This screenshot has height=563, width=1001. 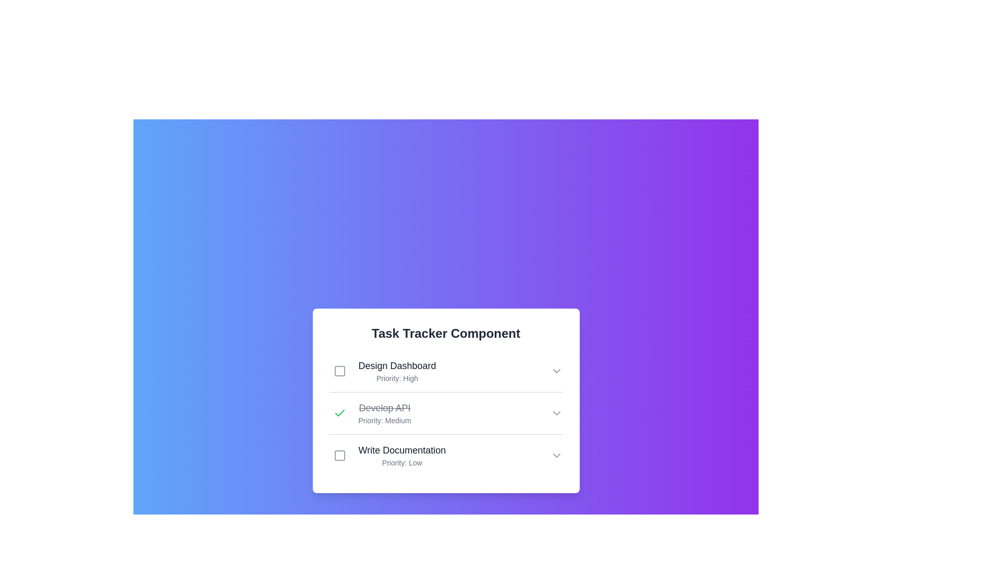 What do you see at coordinates (556, 455) in the screenshot?
I see `the chevron-down icon of the task Write Documentation to observe its hover effect` at bounding box center [556, 455].